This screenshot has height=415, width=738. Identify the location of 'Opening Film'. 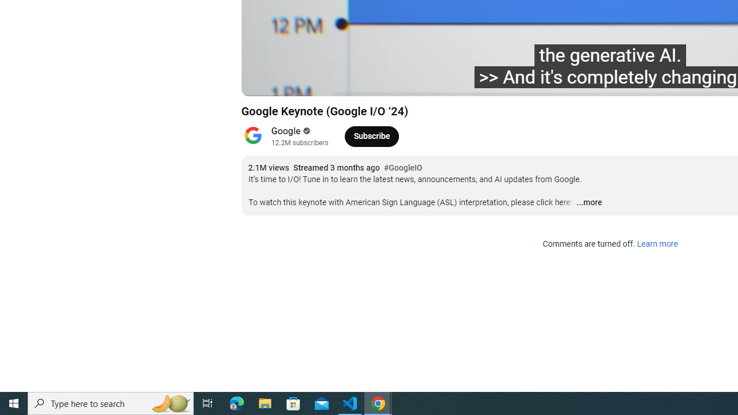
(439, 81).